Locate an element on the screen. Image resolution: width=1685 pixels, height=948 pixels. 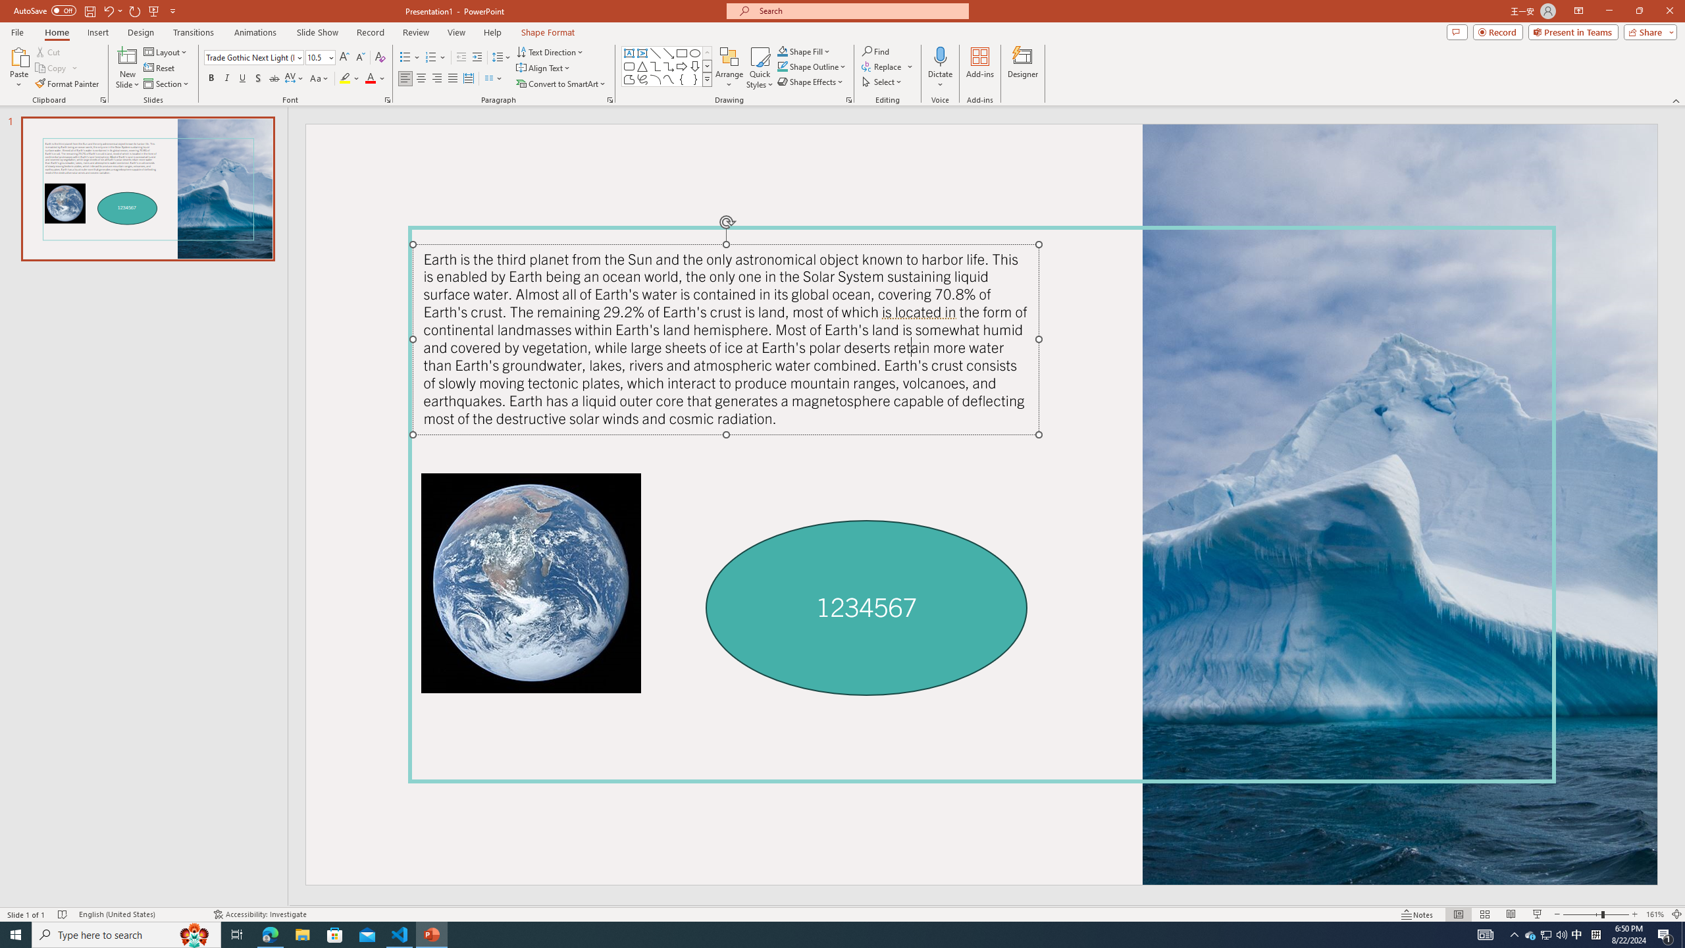
'Shape Outline Teal, Accent 1' is located at coordinates (783, 65).